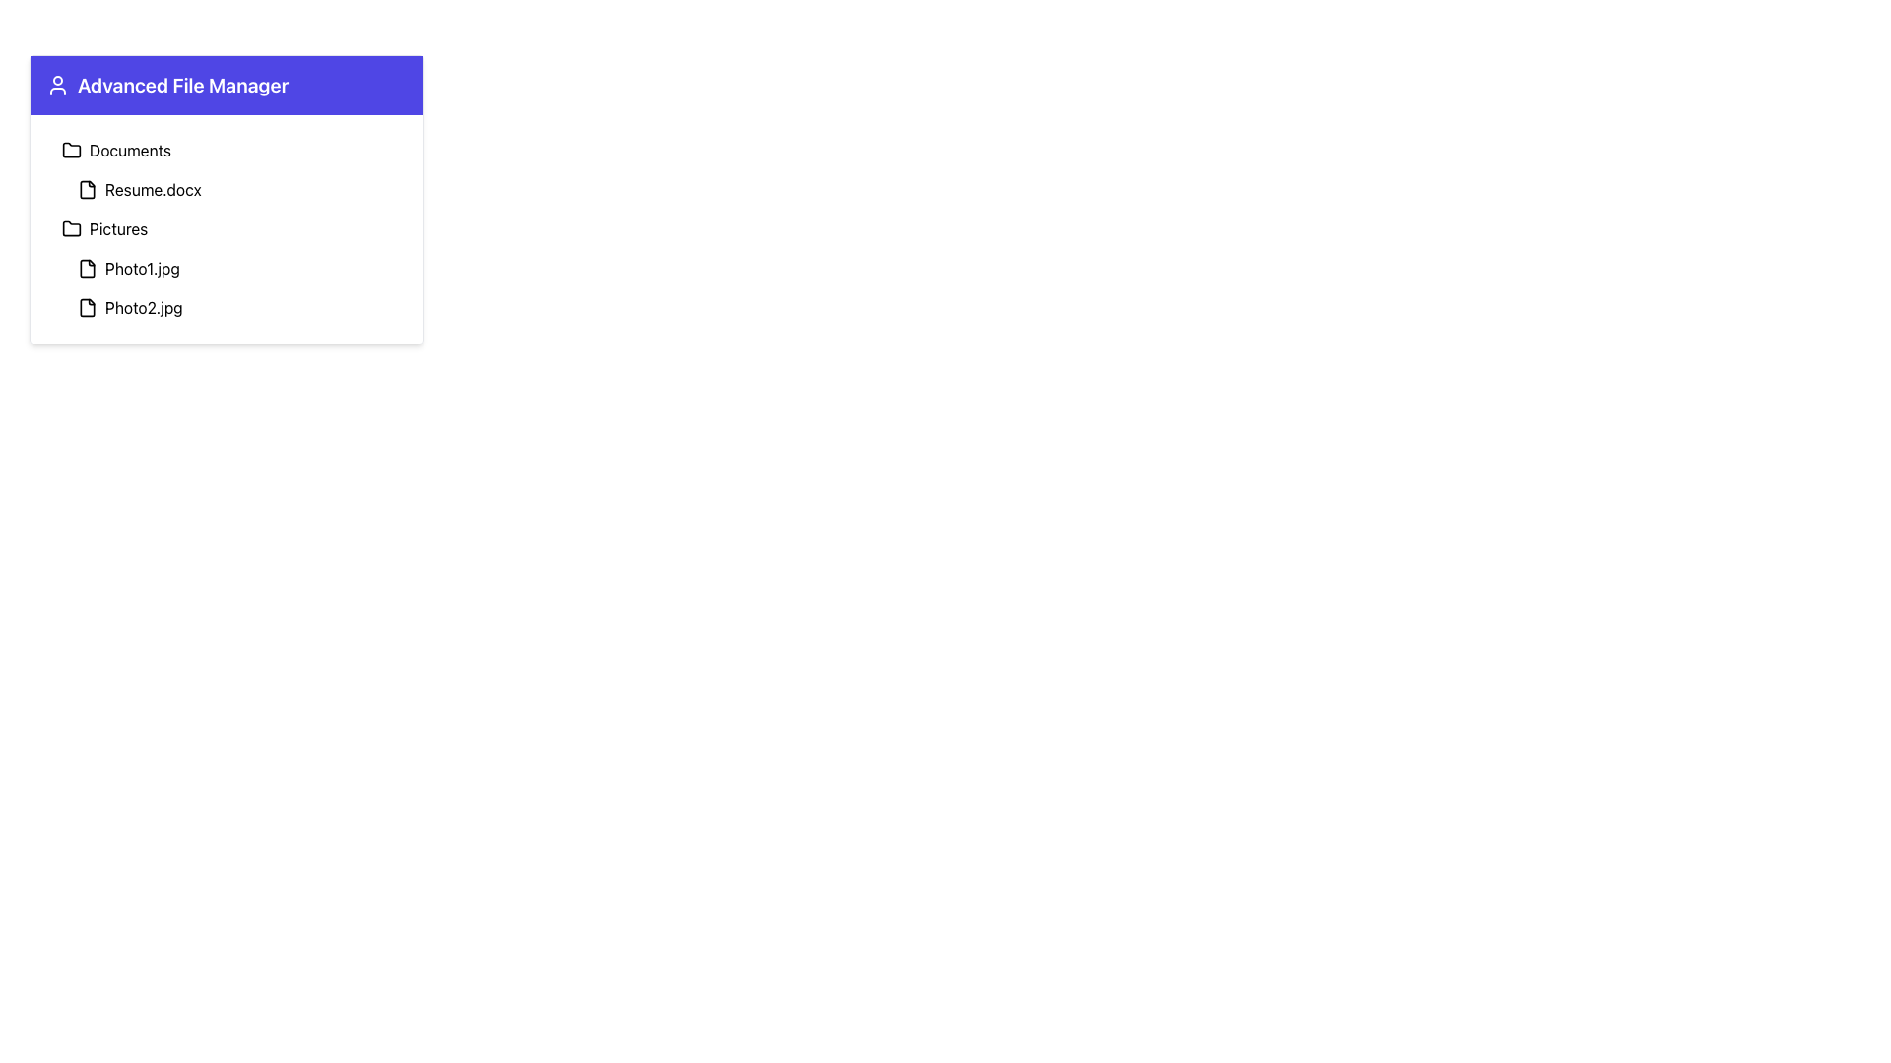 Image resolution: width=1891 pixels, height=1063 pixels. What do you see at coordinates (129, 150) in the screenshot?
I see `the 'Documents' text label located in the file management interface` at bounding box center [129, 150].